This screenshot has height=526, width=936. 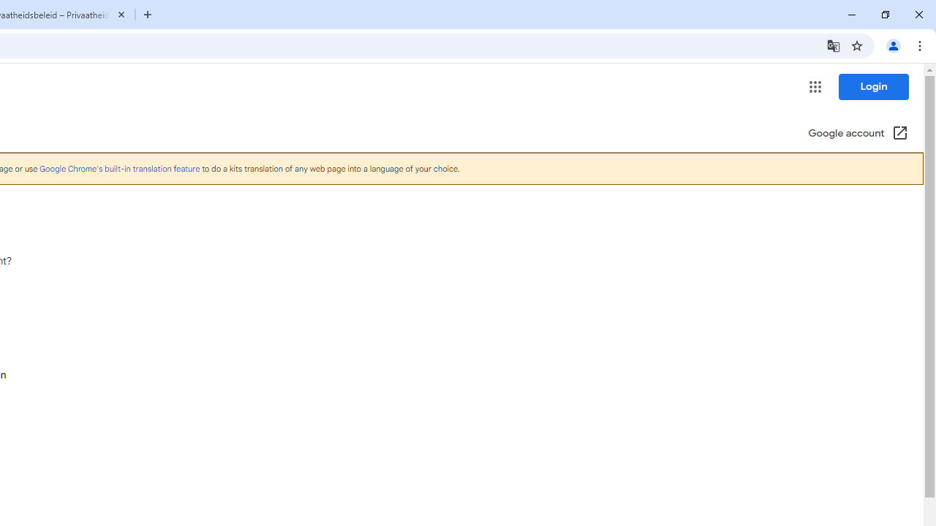 What do you see at coordinates (119, 168) in the screenshot?
I see `'Google Chrome'` at bounding box center [119, 168].